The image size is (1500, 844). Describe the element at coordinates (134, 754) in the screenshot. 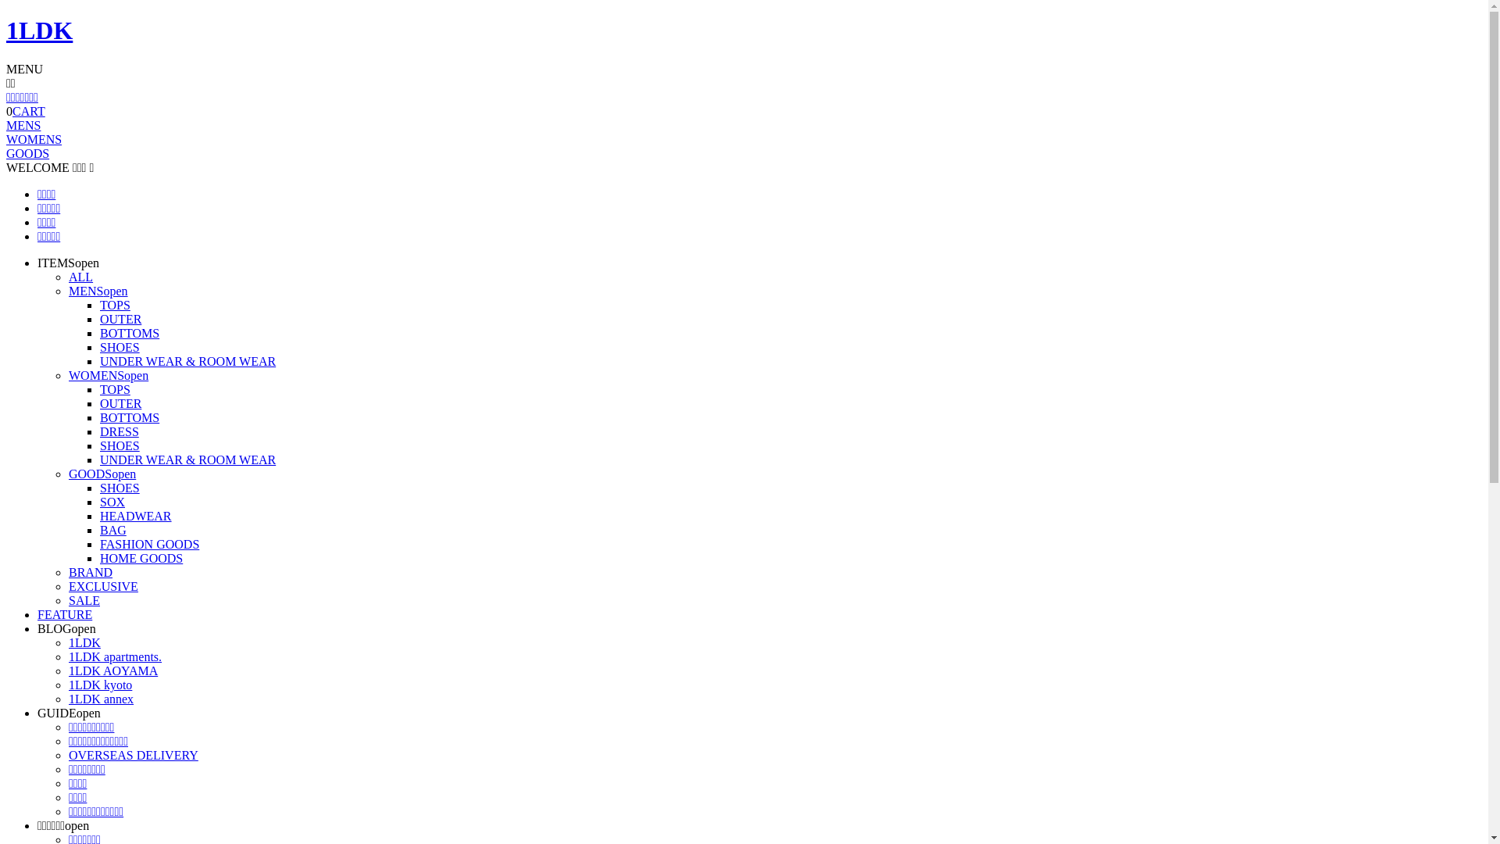

I see `'OVERSEAS DELIVERY'` at that location.